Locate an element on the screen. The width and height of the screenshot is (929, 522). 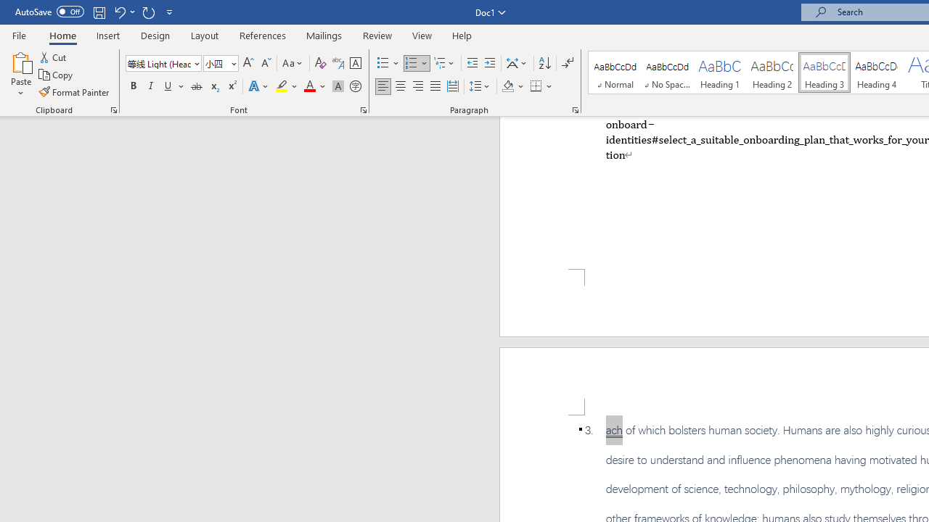
'Office Clipboard...' is located at coordinates (112, 109).